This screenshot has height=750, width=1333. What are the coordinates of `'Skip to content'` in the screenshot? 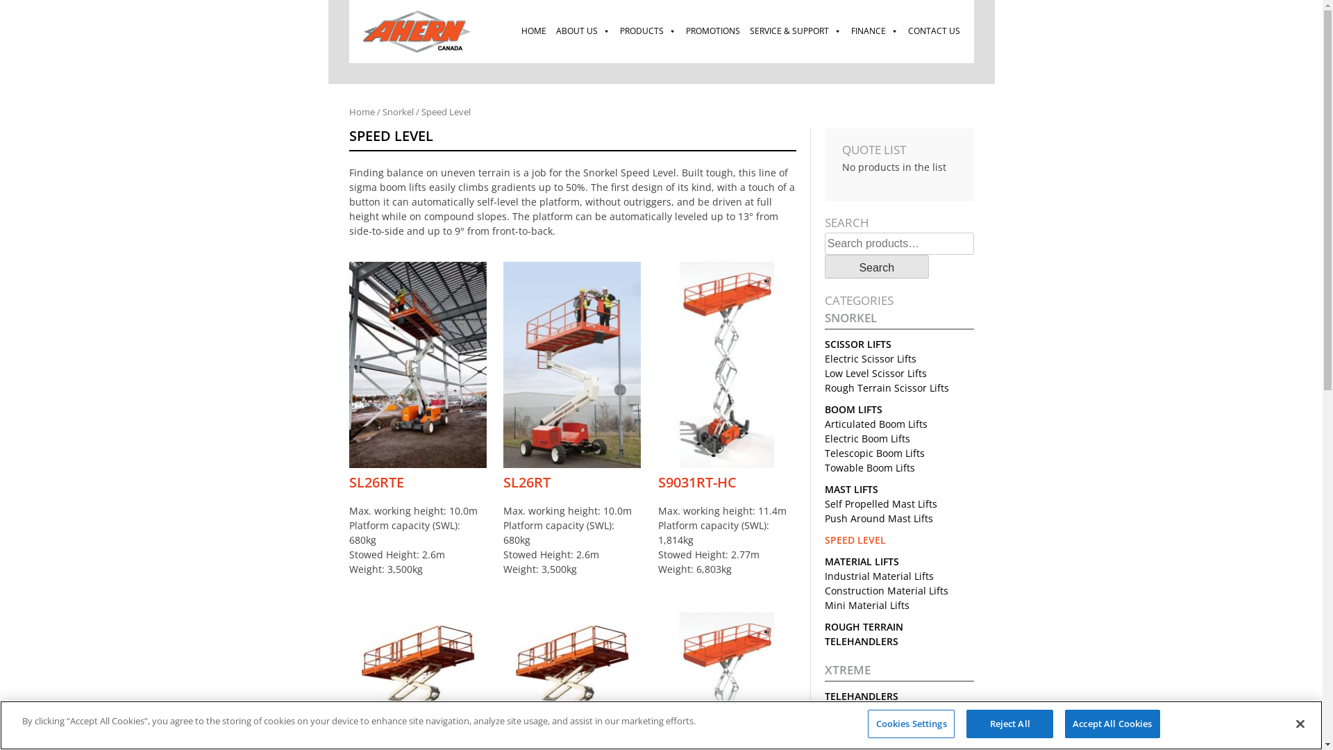 It's located at (327, 0).